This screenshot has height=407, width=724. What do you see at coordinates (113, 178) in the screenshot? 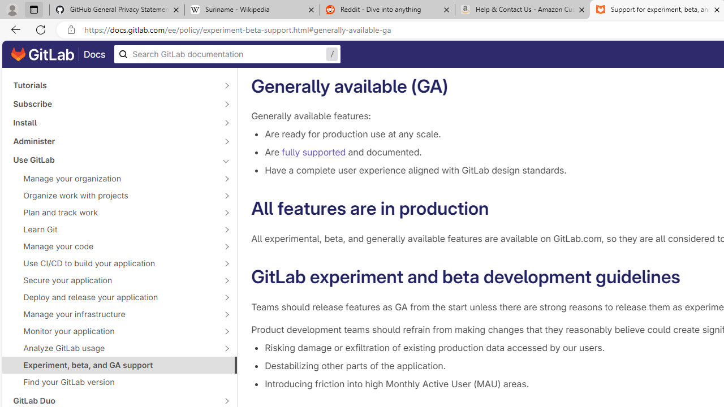
I see `'Manage your organization'` at bounding box center [113, 178].